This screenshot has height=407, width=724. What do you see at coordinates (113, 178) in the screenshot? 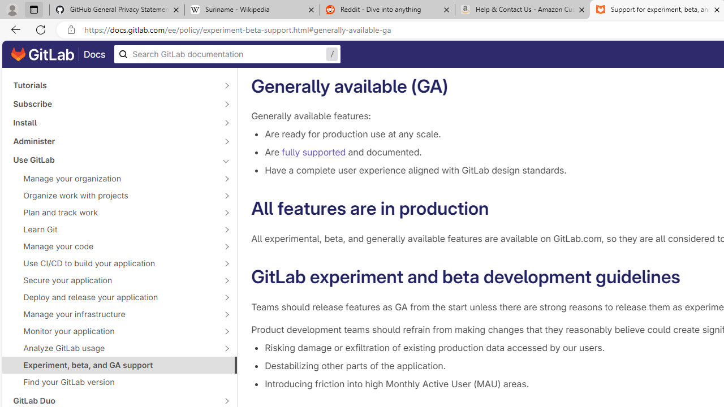
I see `'Manage your organization'` at bounding box center [113, 178].